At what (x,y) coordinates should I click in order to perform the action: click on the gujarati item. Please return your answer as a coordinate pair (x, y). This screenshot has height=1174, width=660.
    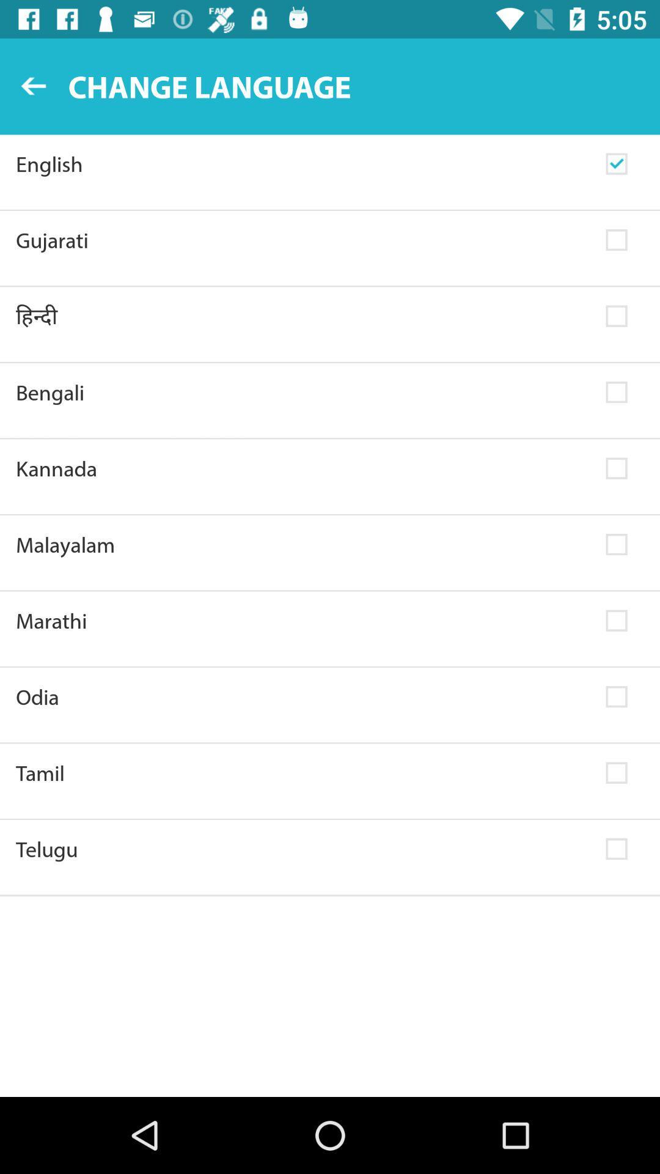
    Looking at the image, I should click on (302, 240).